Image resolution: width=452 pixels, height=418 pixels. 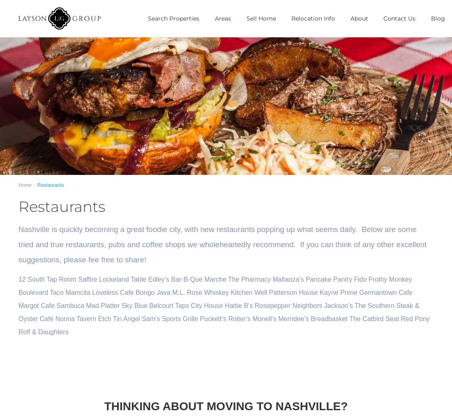 I want to click on 'About Us', so click(x=362, y=32).